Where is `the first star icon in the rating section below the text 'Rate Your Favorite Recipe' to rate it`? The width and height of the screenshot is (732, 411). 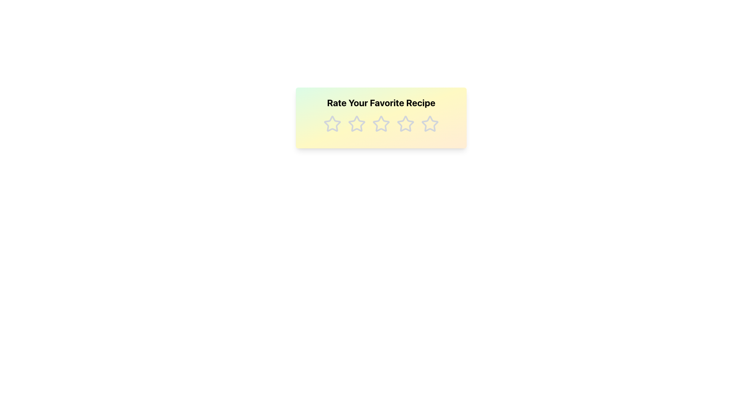
the first star icon in the rating section below the text 'Rate Your Favorite Recipe' to rate it is located at coordinates (332, 124).